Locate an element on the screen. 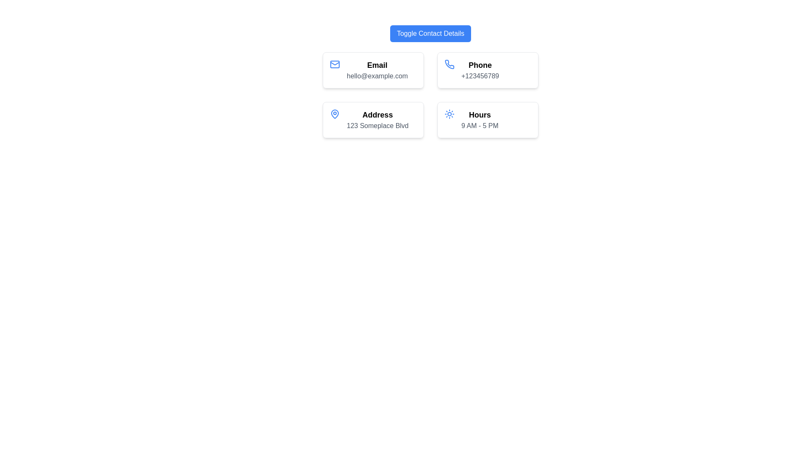 This screenshot has height=455, width=809. the blue outlined phone icon located in the 'Phone' section of the contact details interface, positioned on the left side of the 'Phone' card is located at coordinates (449, 64).